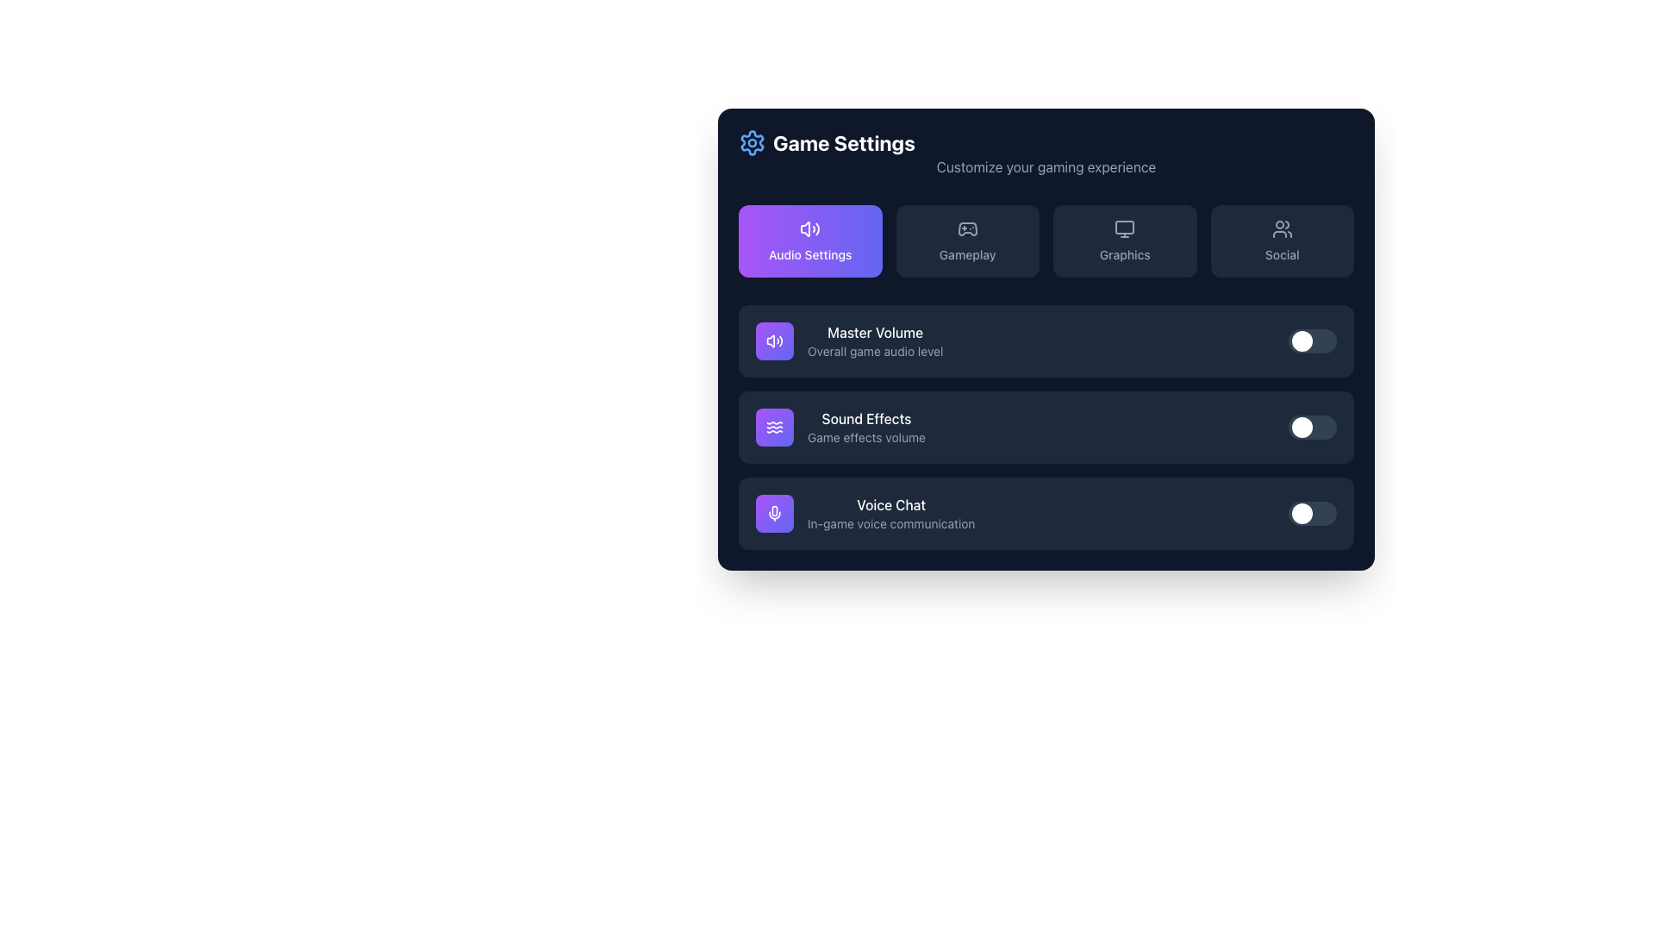 This screenshot has height=931, width=1655. Describe the element at coordinates (1125, 241) in the screenshot. I see `the Graphics settings button located in the third column of the Game Settings menu to observe hover effects` at that location.